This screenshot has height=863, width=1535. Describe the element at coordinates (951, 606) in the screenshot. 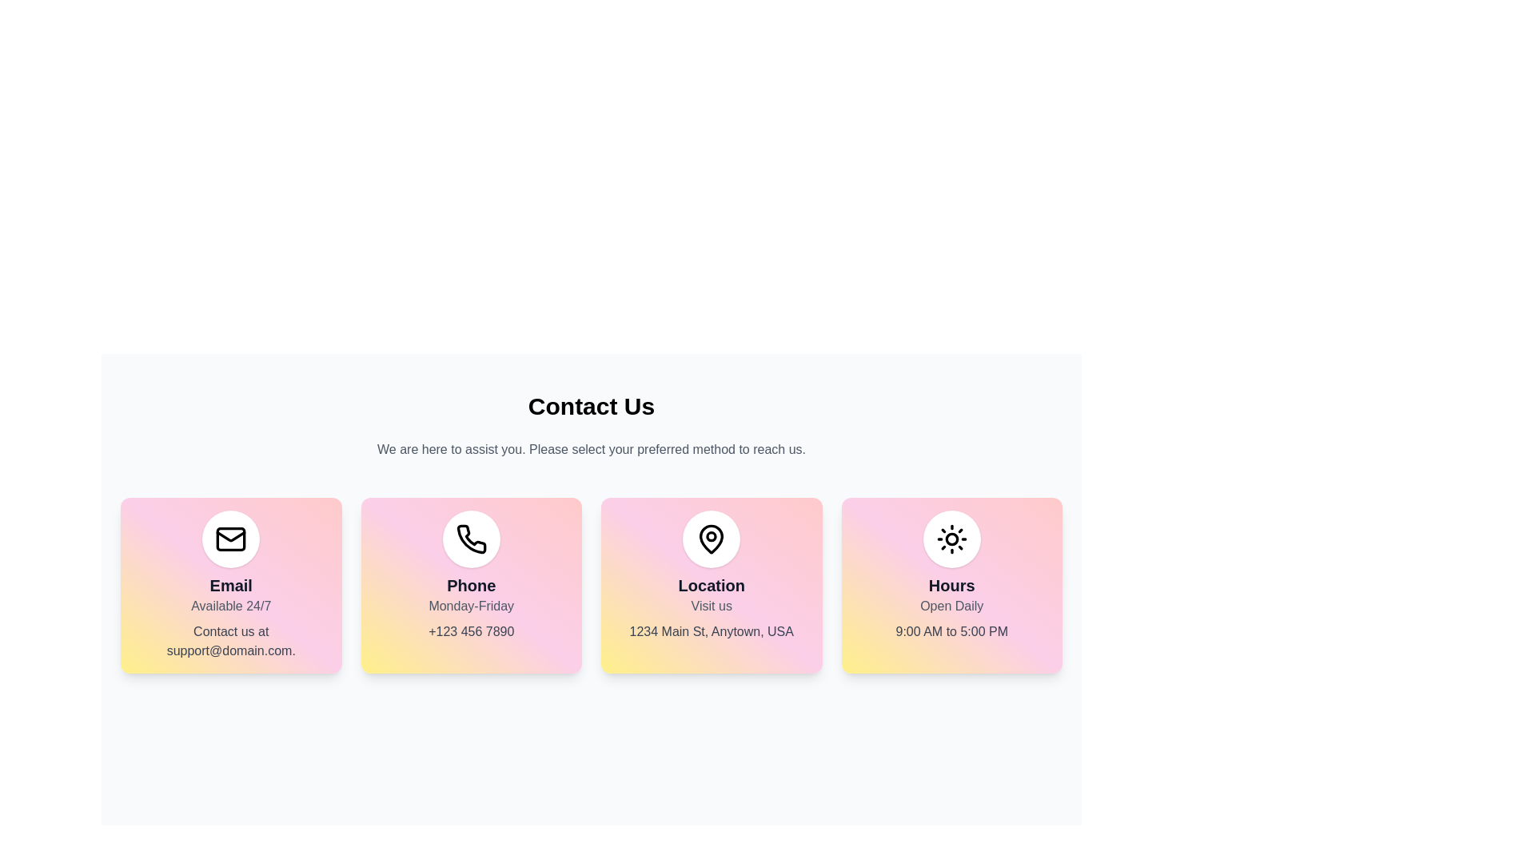

I see `the Text Label indicating the operating schedule located below the 'Hours' title in the fourth column of the card grid layout` at that location.